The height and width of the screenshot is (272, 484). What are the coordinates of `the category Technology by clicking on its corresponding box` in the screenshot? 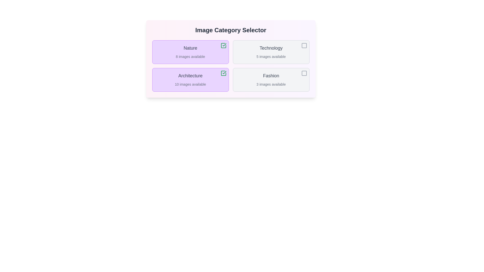 It's located at (271, 52).